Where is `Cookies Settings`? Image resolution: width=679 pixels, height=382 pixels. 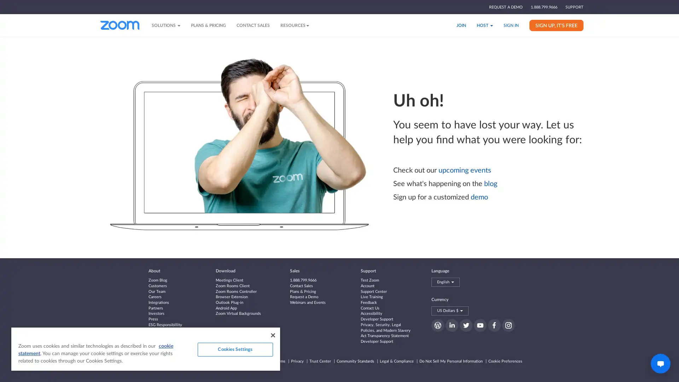
Cookies Settings is located at coordinates (235, 349).